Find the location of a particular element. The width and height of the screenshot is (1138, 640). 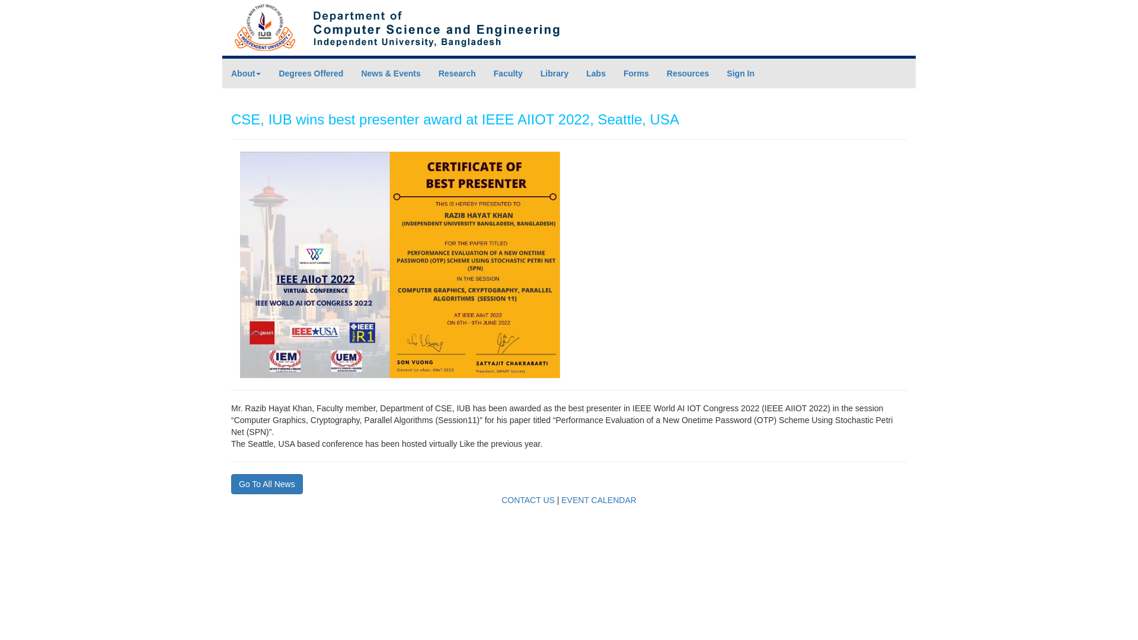

'Labs' is located at coordinates (596, 73).